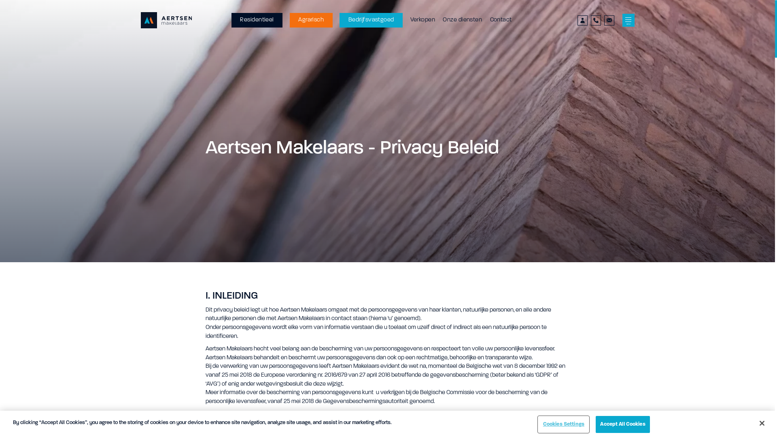 The height and width of the screenshot is (437, 777). Describe the element at coordinates (582, 20) in the screenshot. I see `'Gebruikerslogin'` at that location.